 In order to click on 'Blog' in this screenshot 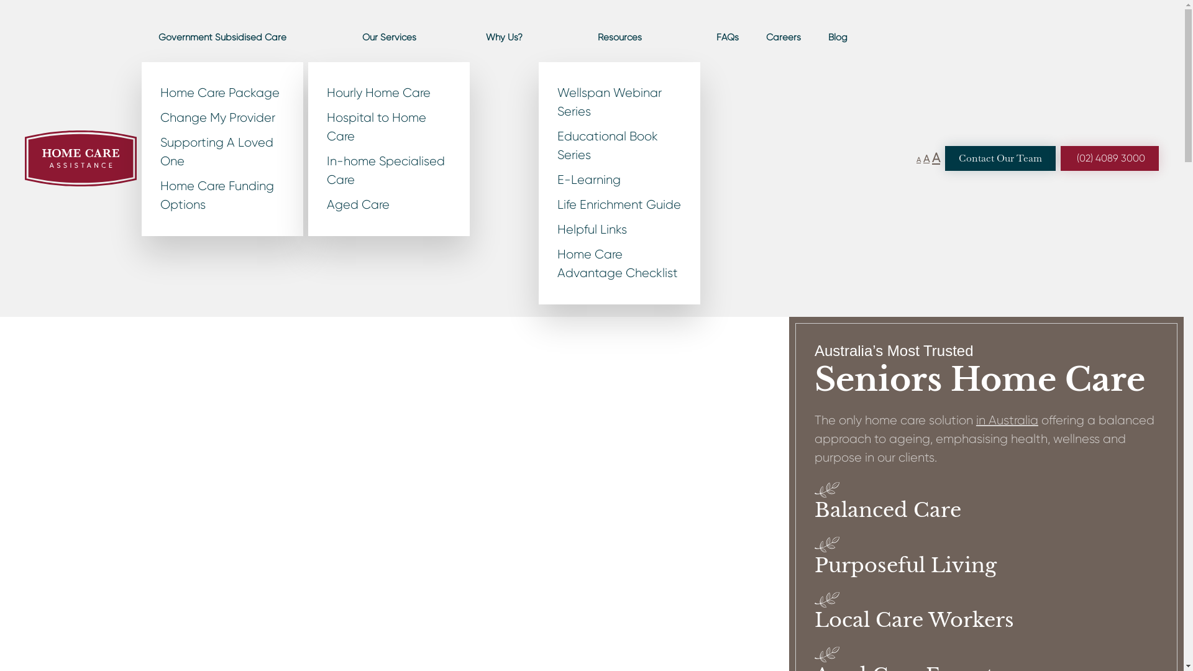, I will do `click(838, 37)`.